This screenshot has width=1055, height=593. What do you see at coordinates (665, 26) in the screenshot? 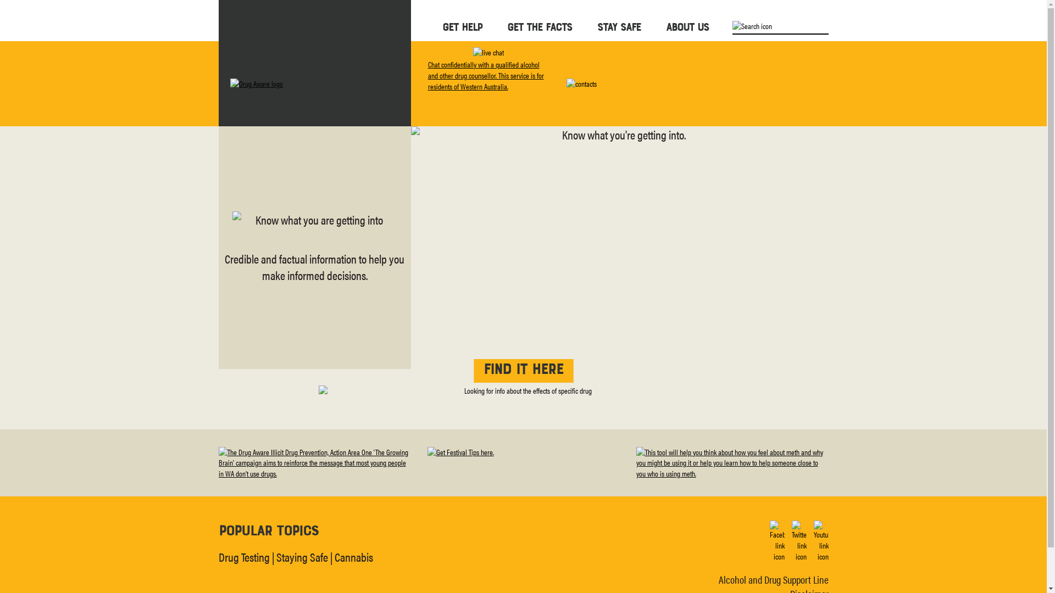
I see `'ABOUT US'` at bounding box center [665, 26].